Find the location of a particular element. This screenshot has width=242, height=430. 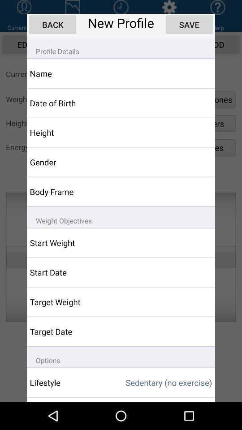

the app above body frame icon is located at coordinates (69, 162).